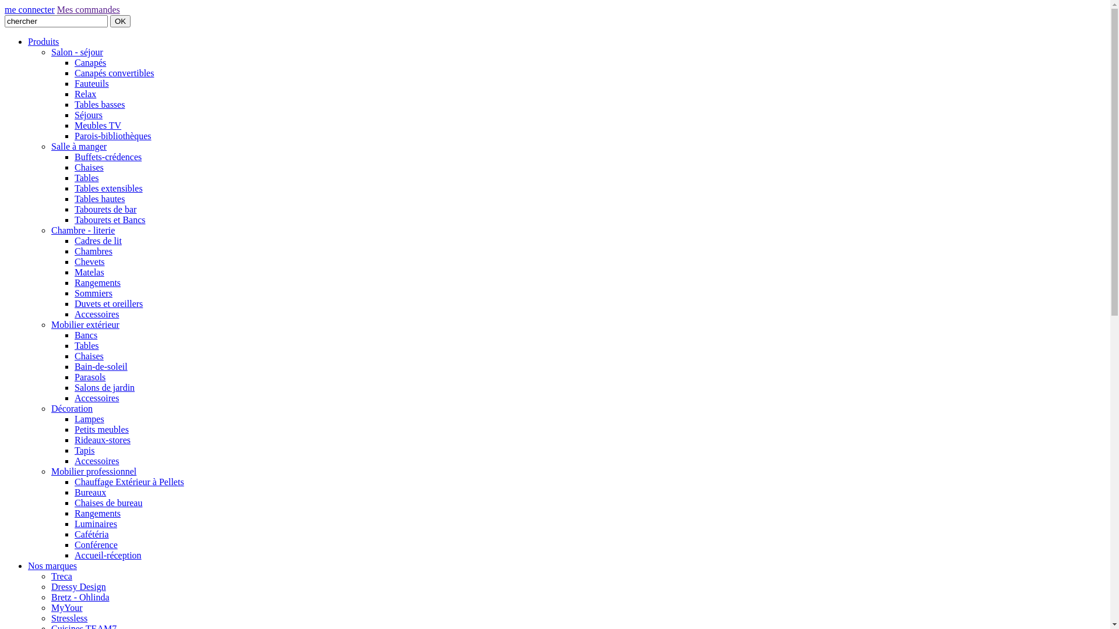 This screenshot has width=1119, height=629. Describe the element at coordinates (89, 377) in the screenshot. I see `'Parasols'` at that location.